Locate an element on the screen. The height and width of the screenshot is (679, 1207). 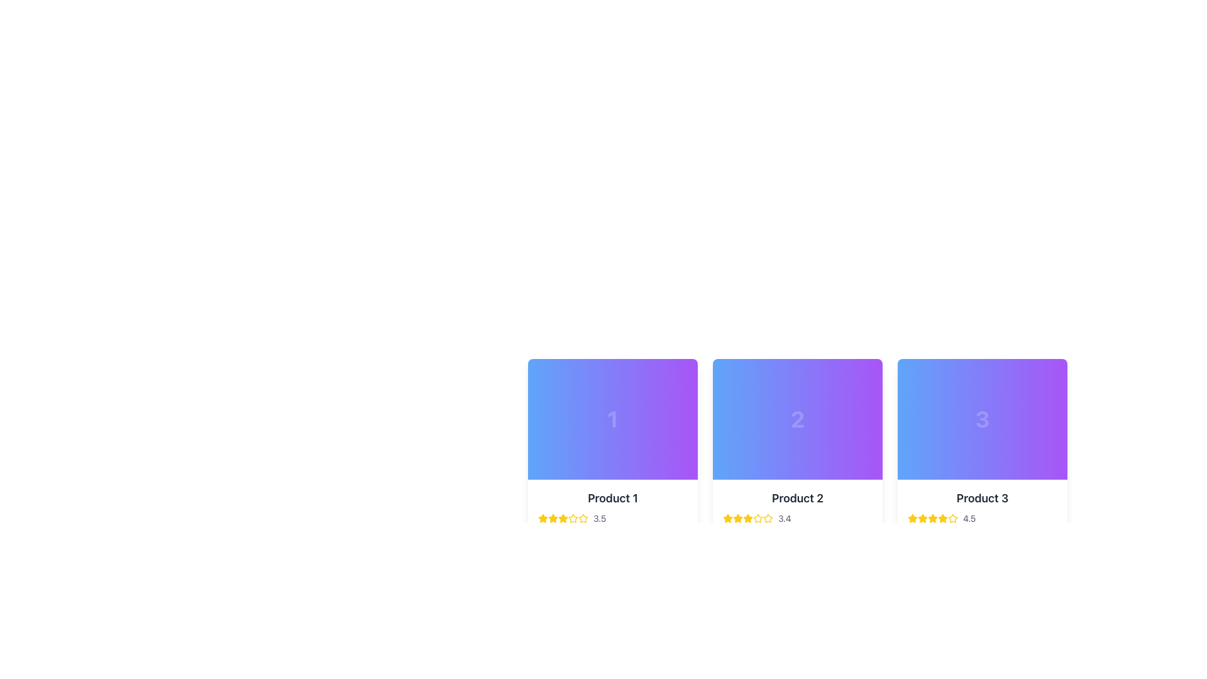
the Decorative panel featuring a gradient background from blue to purple, with a semi-transparent white number '1' in bold font, located at the top section of the card layout for 'Product 1' is located at coordinates (612, 419).